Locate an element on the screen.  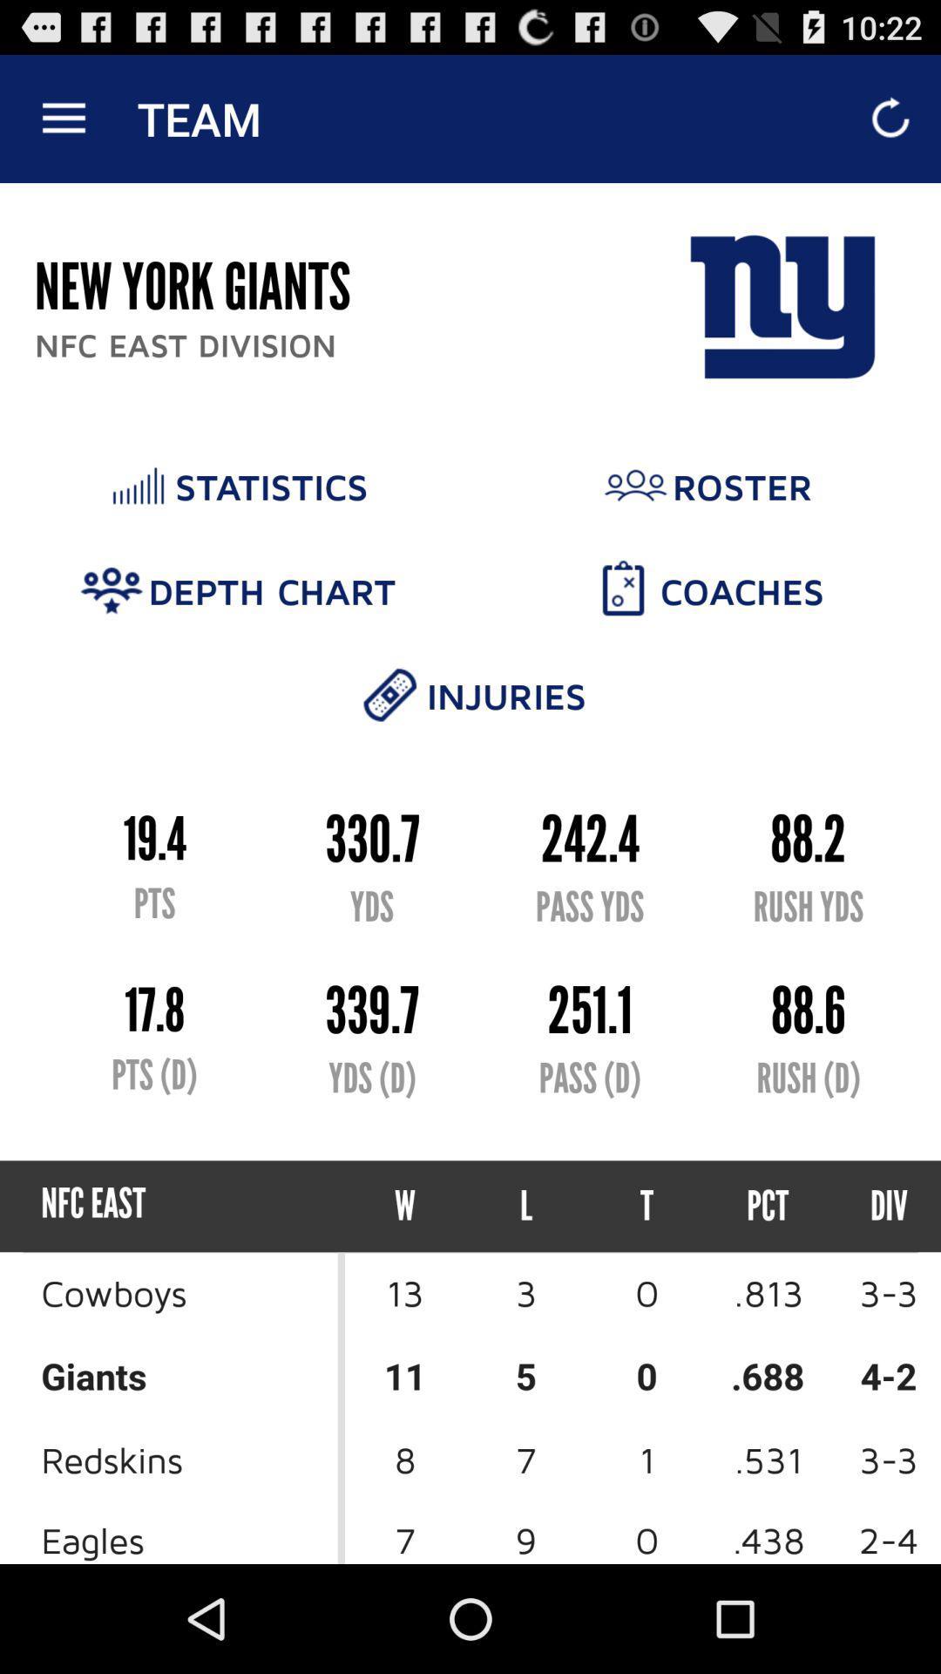
the icon next to pct is located at coordinates (647, 1205).